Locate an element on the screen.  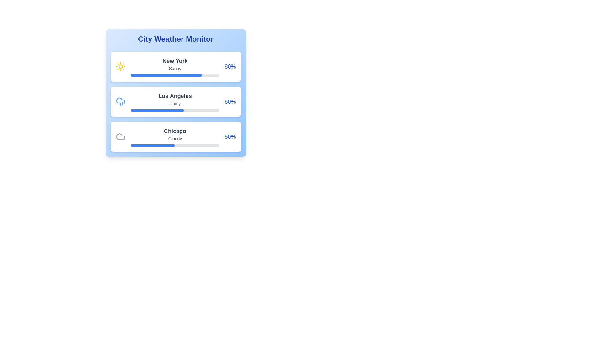
text displayed in the blue font that shows '80%' within the New York weather card is located at coordinates (230, 66).